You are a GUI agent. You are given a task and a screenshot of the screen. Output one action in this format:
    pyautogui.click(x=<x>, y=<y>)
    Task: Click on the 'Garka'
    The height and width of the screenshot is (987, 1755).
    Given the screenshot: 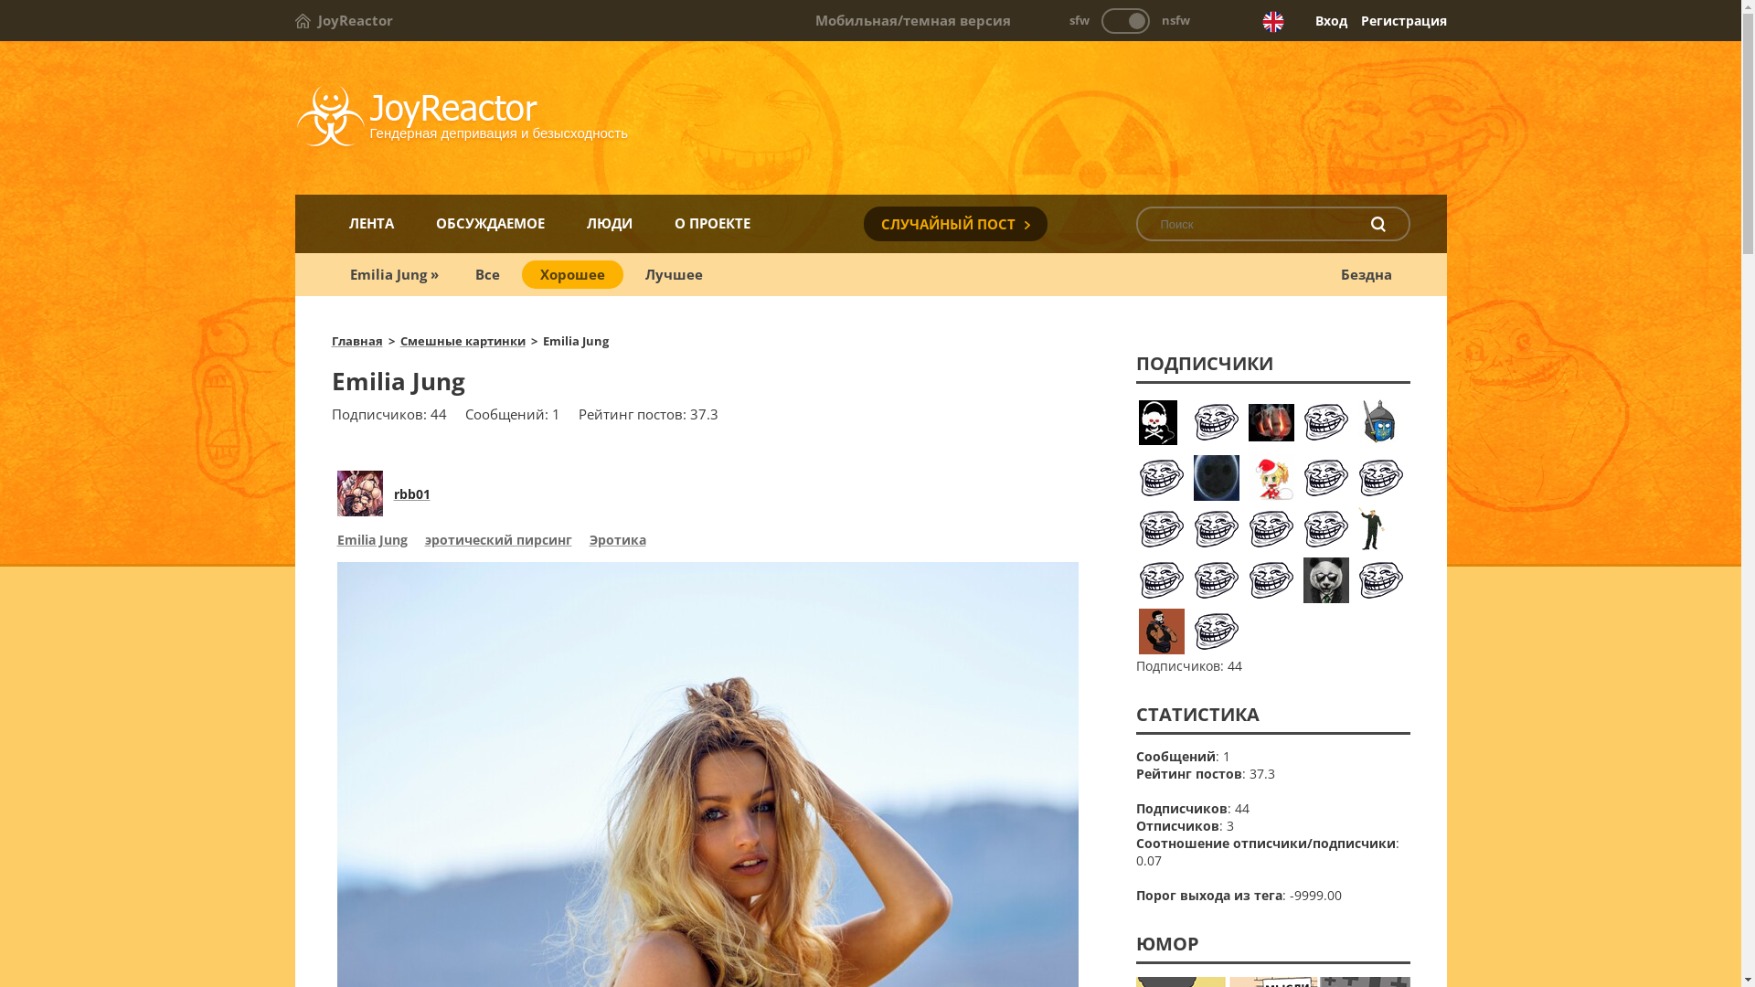 What is the action you would take?
    pyautogui.click(x=1325, y=528)
    